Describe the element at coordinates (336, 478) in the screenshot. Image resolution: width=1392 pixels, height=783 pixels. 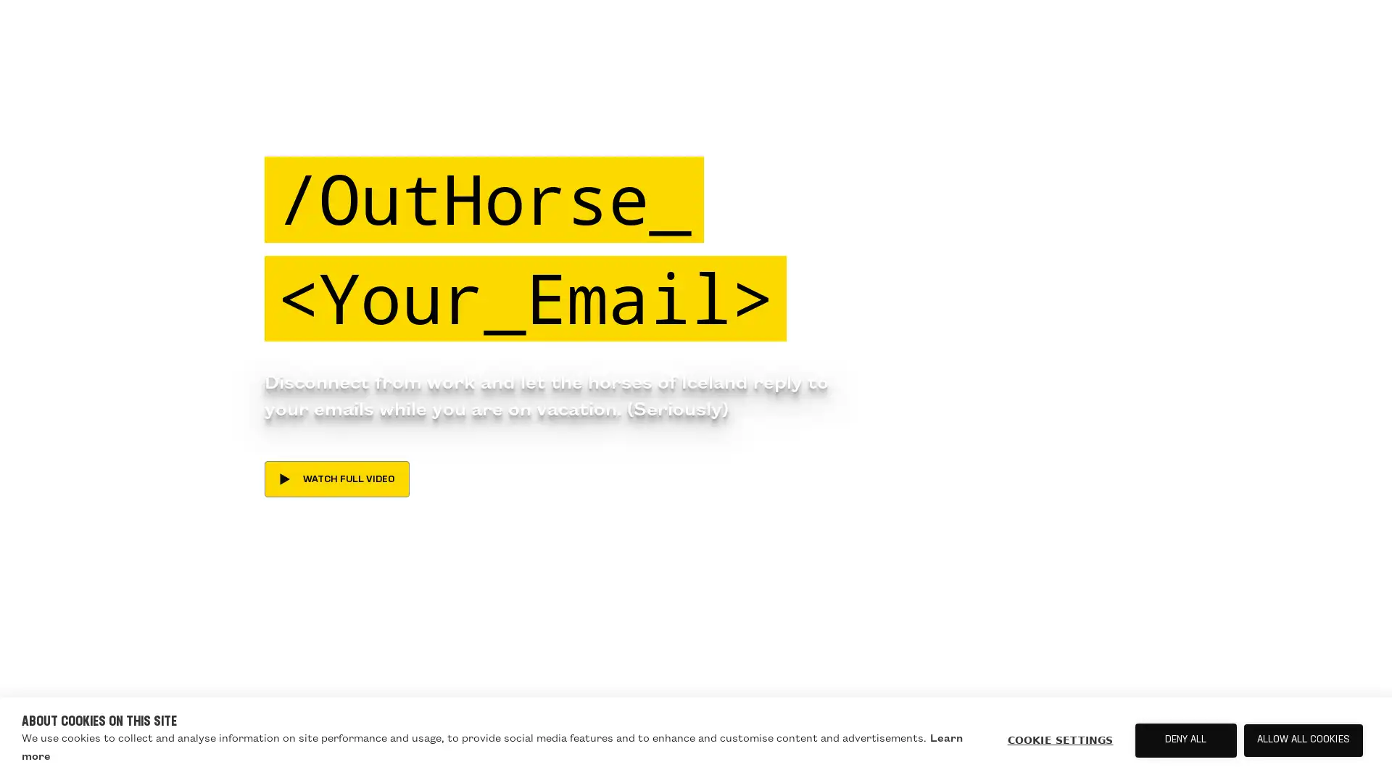
I see `WATCH FULL VIDEO` at that location.